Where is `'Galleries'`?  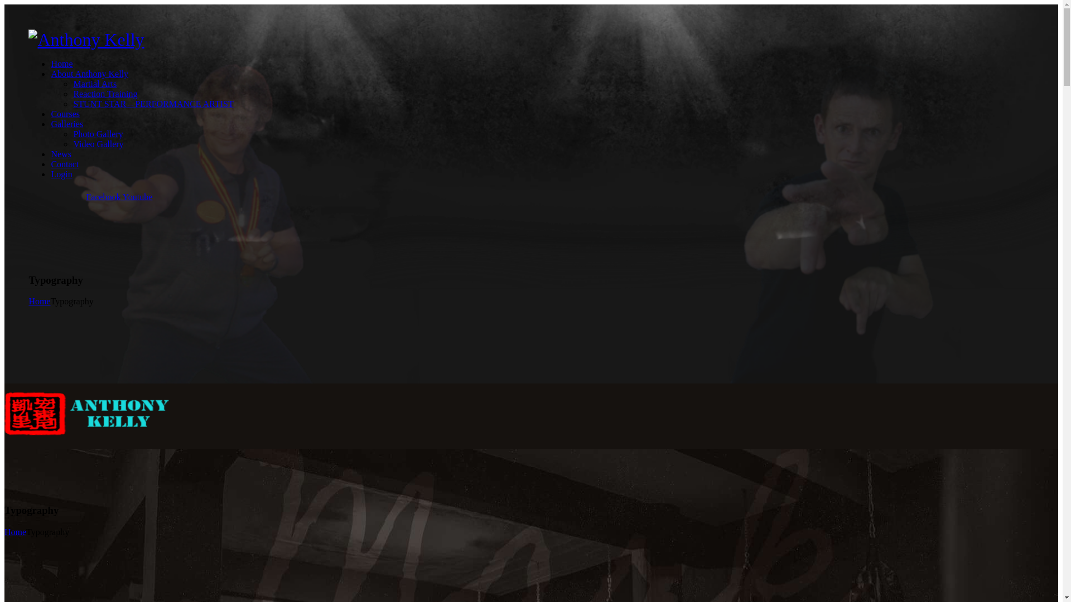
'Galleries' is located at coordinates (50, 124).